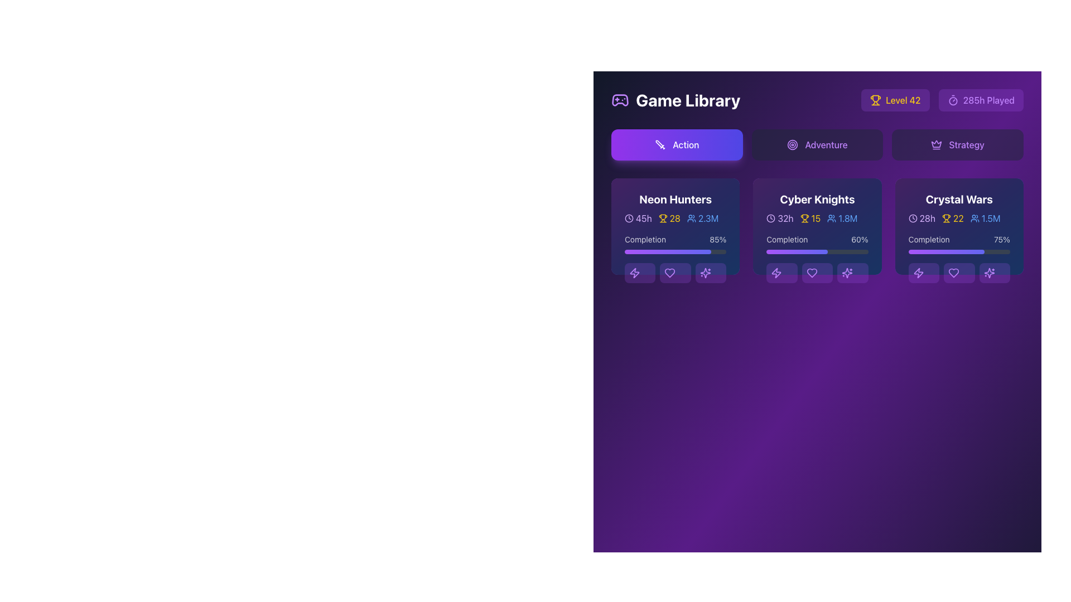 The image size is (1071, 602). I want to click on the informational display component showing metrics for the 'Crystal Wars' game, which includes total play hours, trophy count, and participant number, so click(958, 219).